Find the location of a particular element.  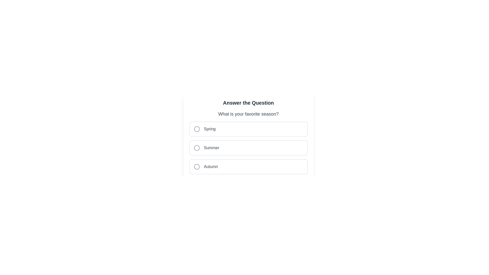

the 'Autumn' radio button option is located at coordinates (248, 167).